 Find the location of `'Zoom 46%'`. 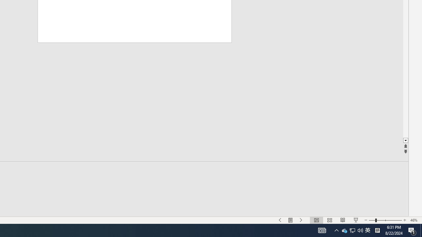

'Zoom 46%' is located at coordinates (414, 220).